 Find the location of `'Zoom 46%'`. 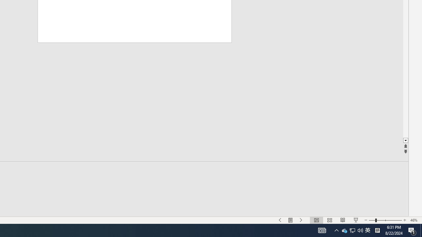

'Zoom 46%' is located at coordinates (414, 220).